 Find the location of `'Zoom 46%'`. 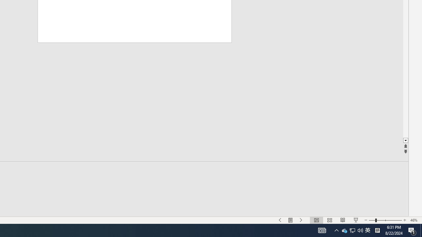

'Zoom 46%' is located at coordinates (414, 220).